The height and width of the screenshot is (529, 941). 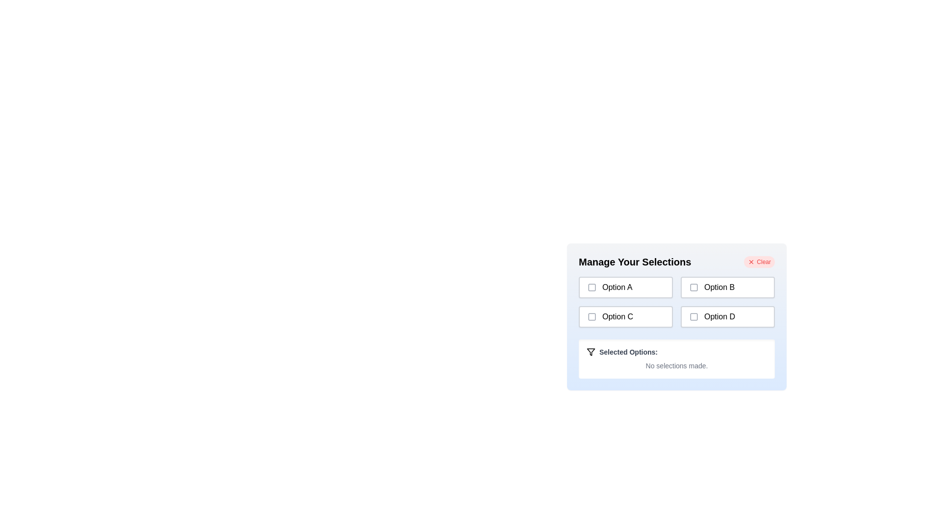 I want to click on the checkbox corresponding to Option D, so click(x=693, y=317).